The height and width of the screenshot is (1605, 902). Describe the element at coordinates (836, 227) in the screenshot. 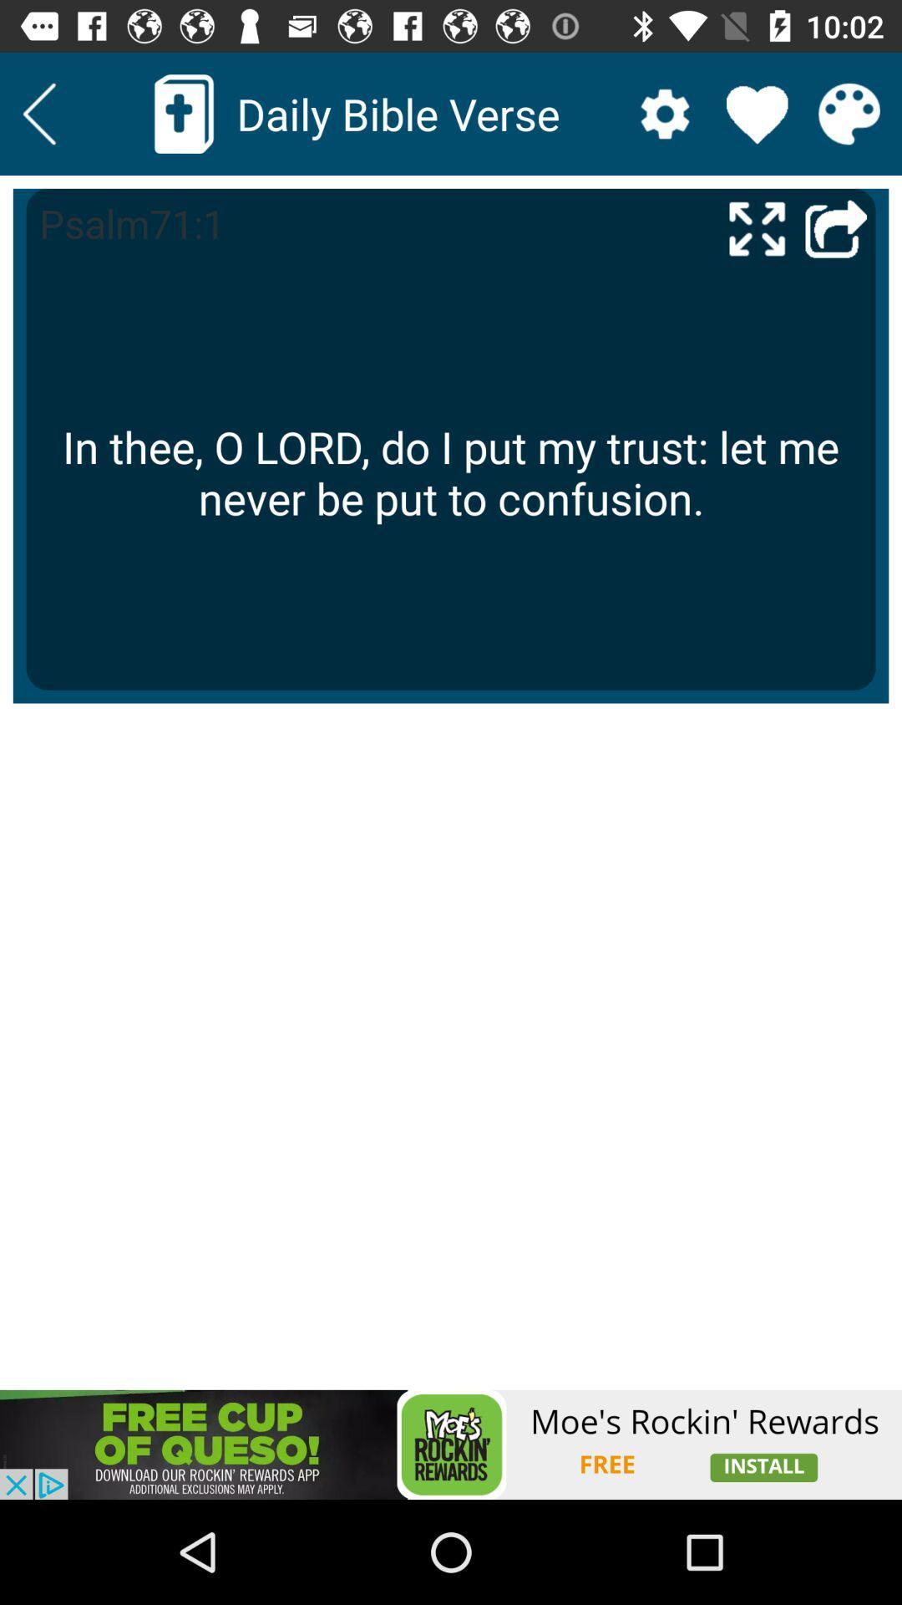

I see `next page` at that location.